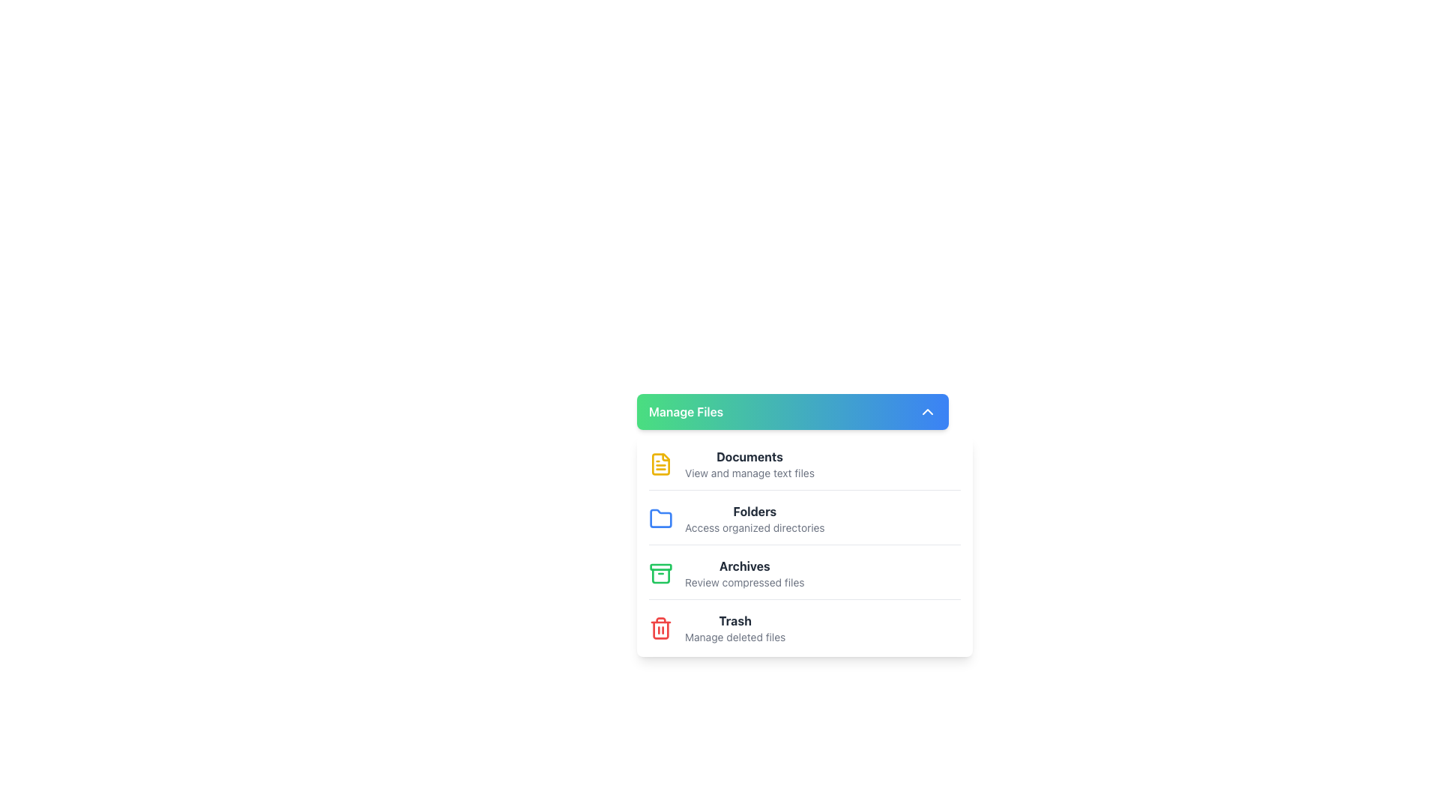  What do you see at coordinates (804, 523) in the screenshot?
I see `the list item labeled 'Folders', which is styled with bold dark gray text and a blue folder icon` at bounding box center [804, 523].